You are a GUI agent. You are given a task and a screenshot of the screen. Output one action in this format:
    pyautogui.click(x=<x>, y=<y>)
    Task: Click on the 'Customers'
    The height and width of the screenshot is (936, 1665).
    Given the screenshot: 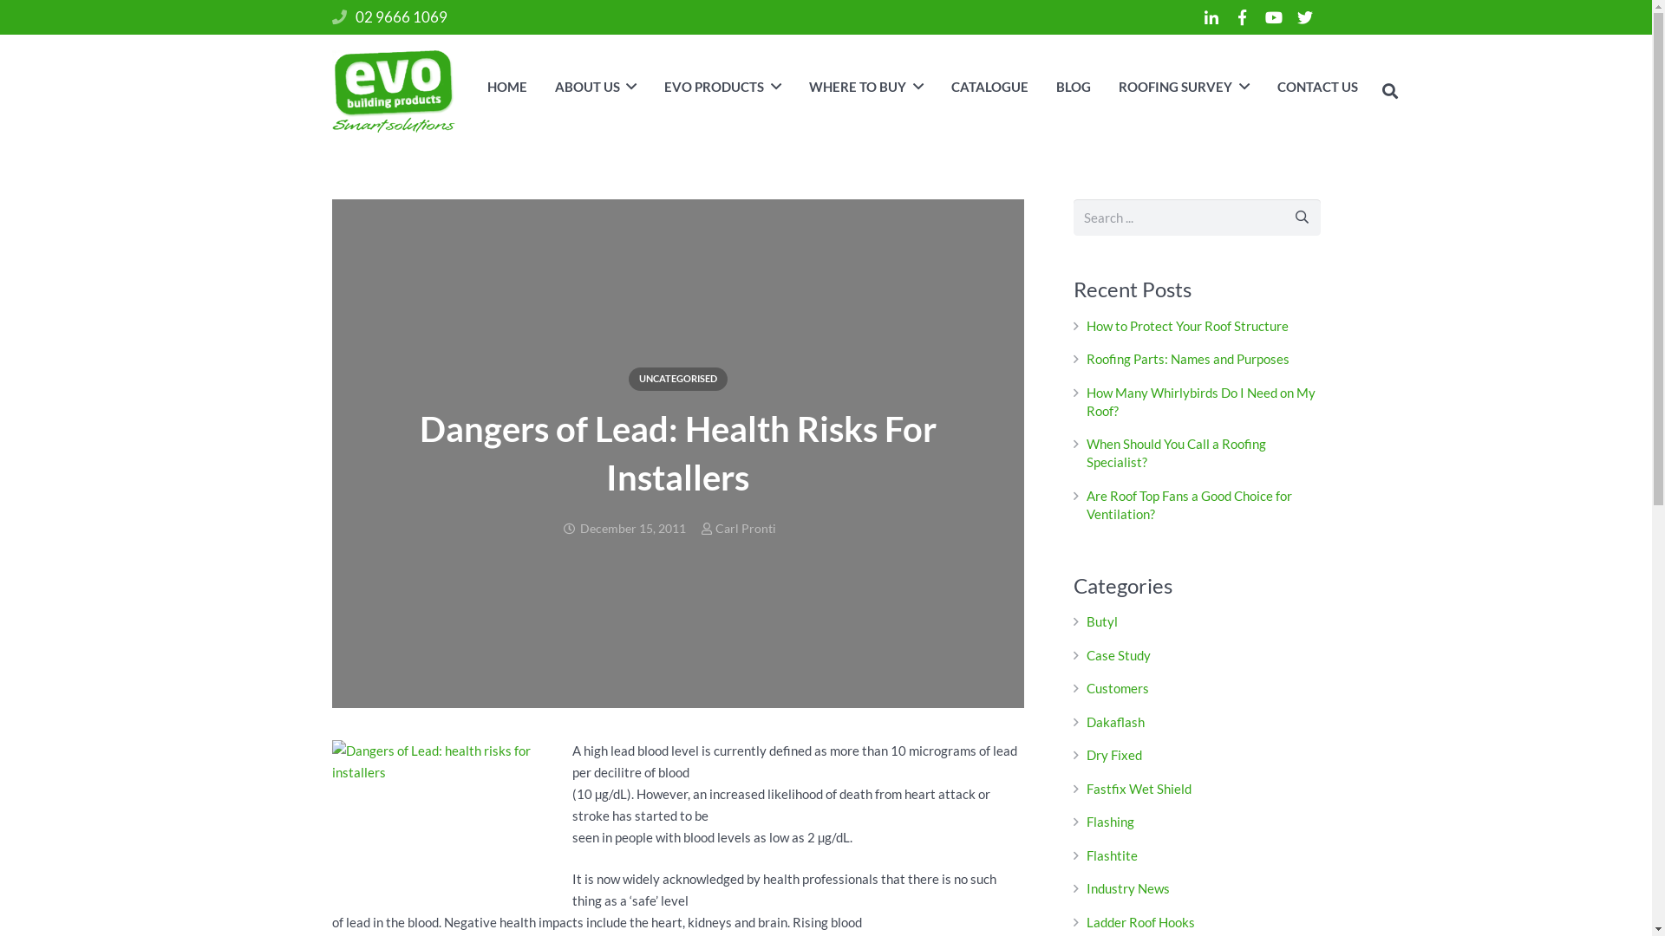 What is the action you would take?
    pyautogui.click(x=1085, y=687)
    